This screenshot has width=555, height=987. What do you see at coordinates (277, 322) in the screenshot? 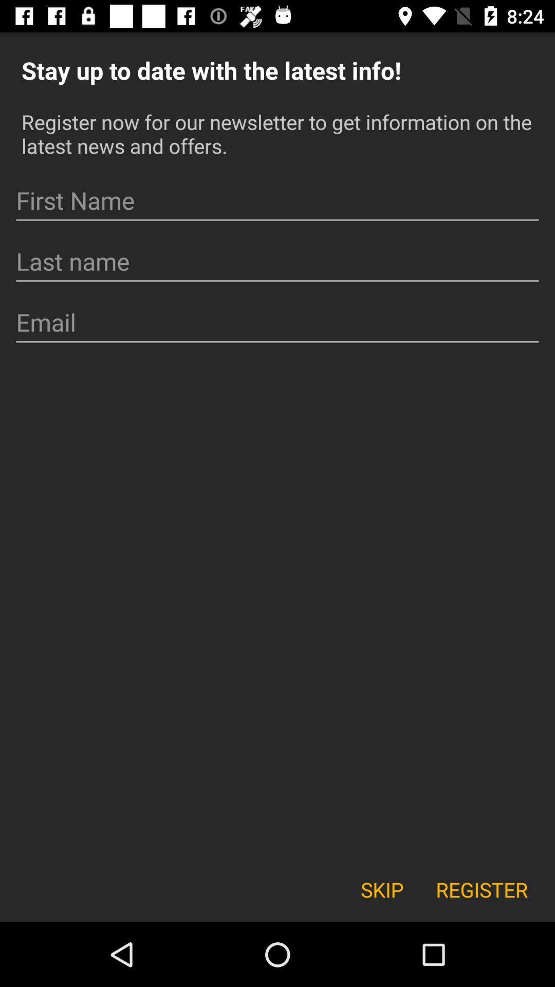
I see `email` at bounding box center [277, 322].